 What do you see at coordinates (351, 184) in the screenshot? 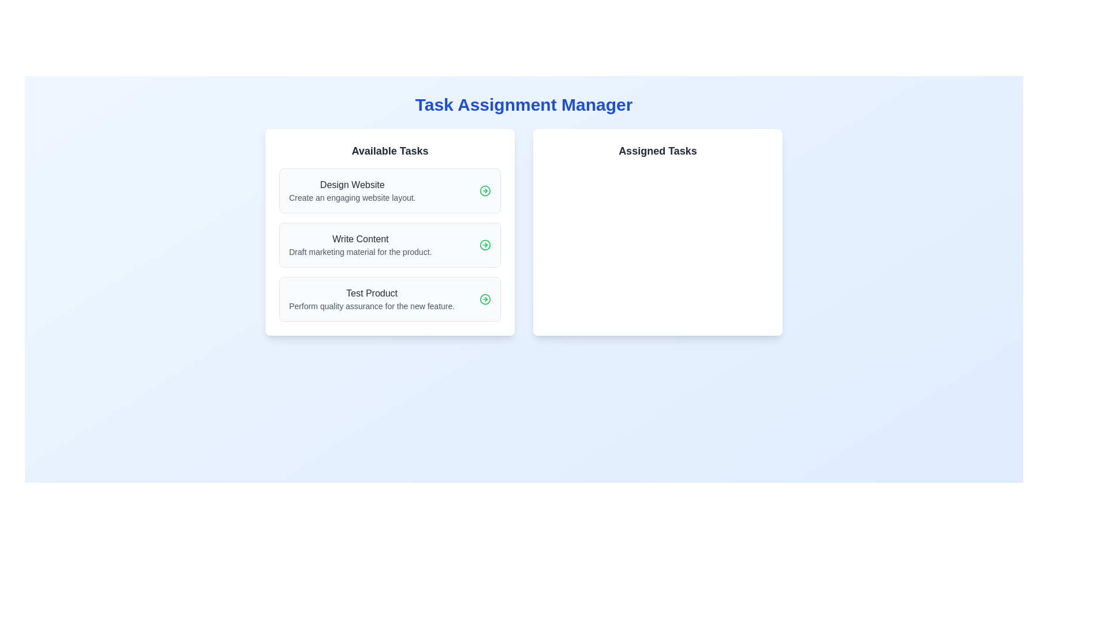
I see `the title label of the first task in the 'Available Tasks' section, which is positioned at the top of the task card and above the description 'Create an engaging website layout.'` at bounding box center [351, 184].